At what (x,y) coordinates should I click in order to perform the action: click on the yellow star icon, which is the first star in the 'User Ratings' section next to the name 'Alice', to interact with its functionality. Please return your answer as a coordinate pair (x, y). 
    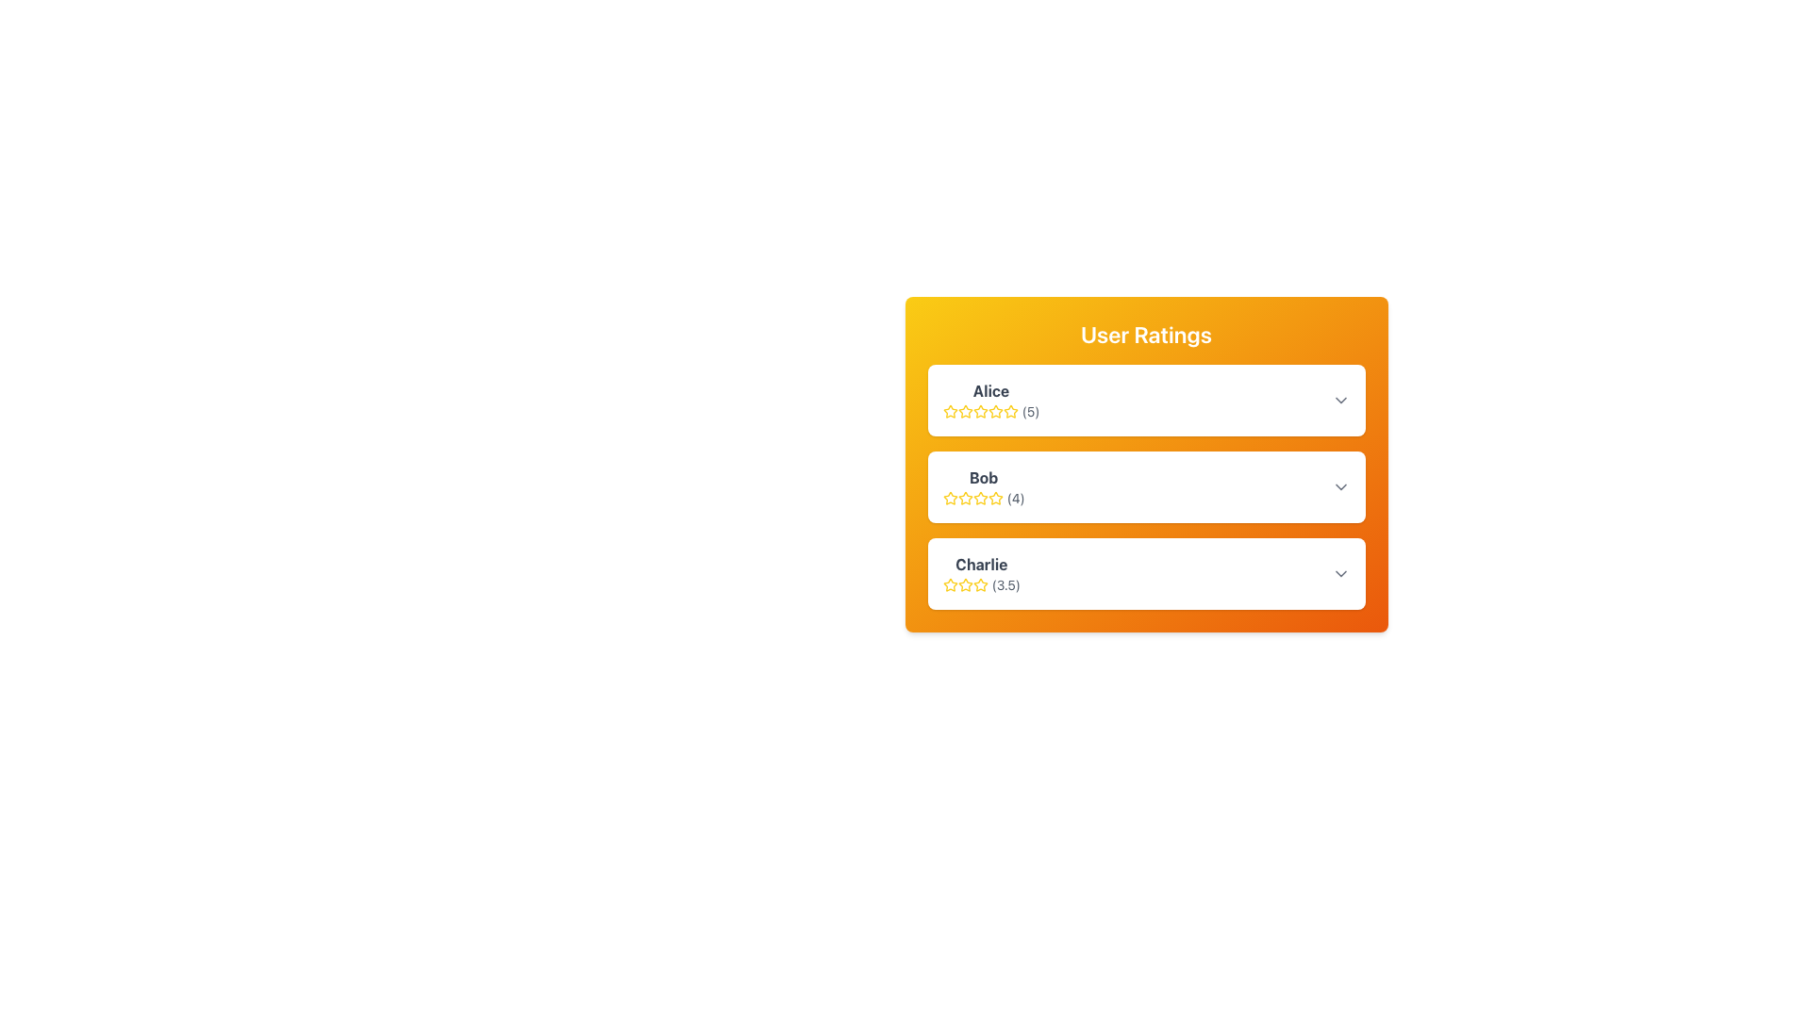
    Looking at the image, I should click on (950, 409).